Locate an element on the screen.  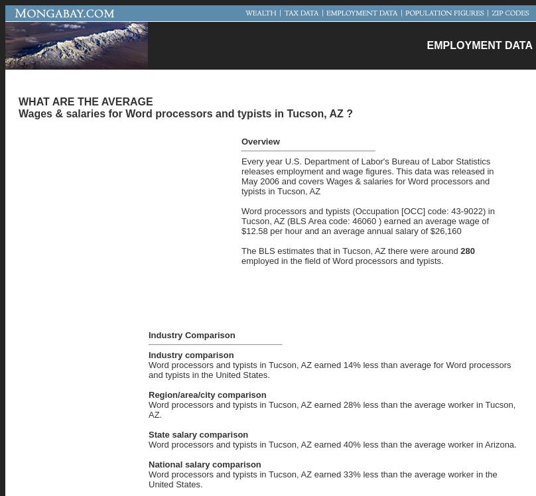
'EMPLOYMENT DATA' is located at coordinates (478, 44).